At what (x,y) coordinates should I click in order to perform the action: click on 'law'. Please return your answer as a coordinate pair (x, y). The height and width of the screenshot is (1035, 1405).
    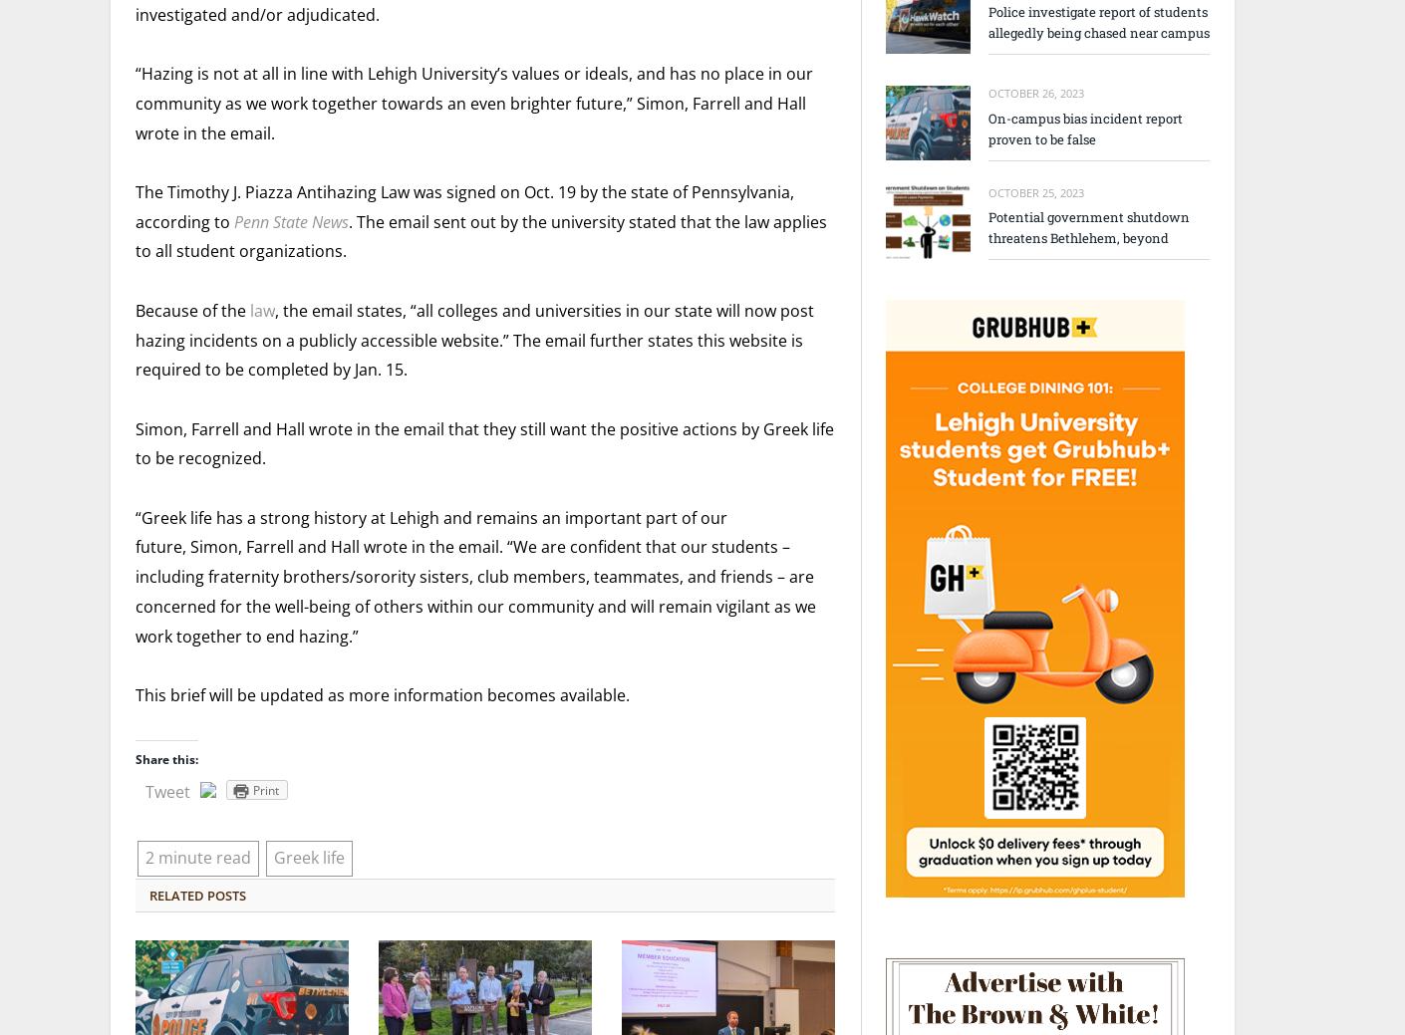
    Looking at the image, I should click on (246, 309).